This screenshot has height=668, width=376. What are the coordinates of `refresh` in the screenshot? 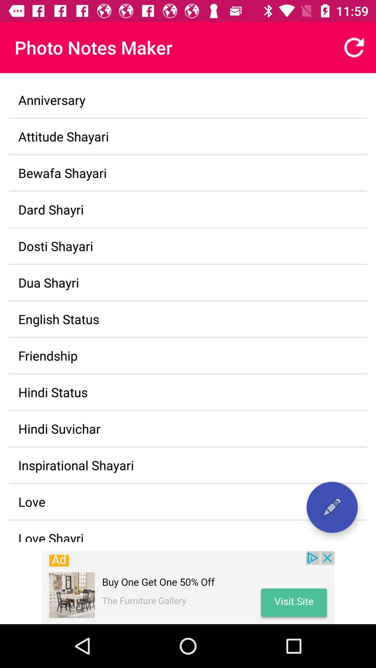 It's located at (354, 47).